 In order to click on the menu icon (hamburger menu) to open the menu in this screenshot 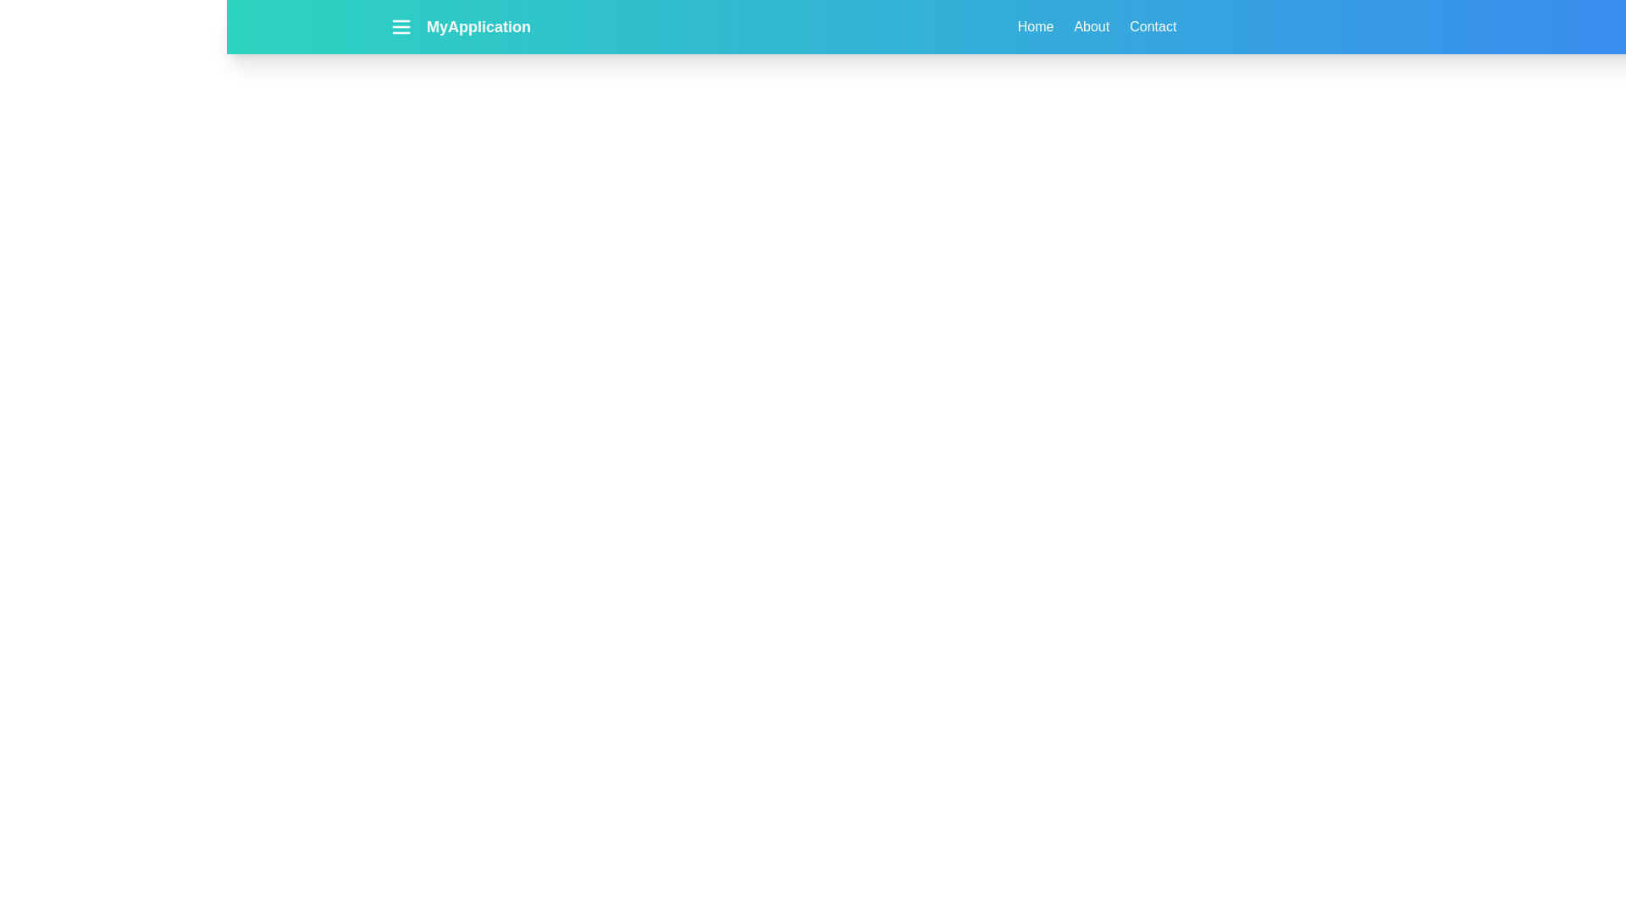, I will do `click(401, 26)`.